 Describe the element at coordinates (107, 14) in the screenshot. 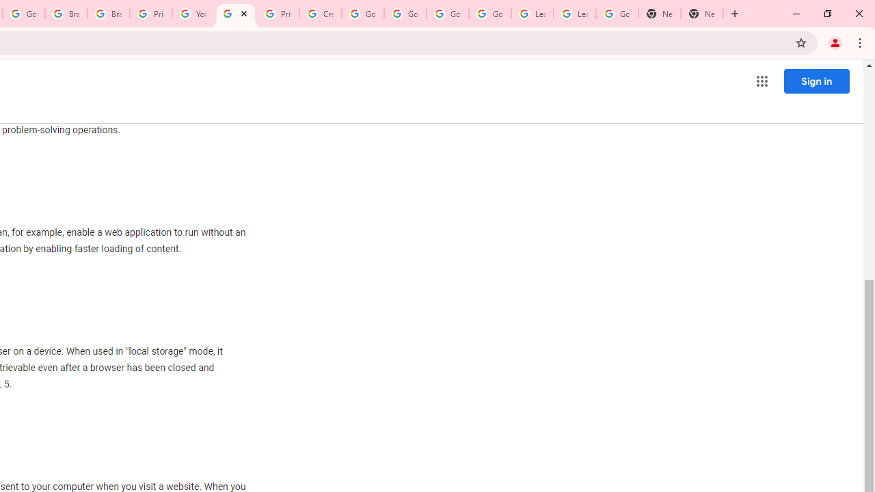

I see `'Brand Resource Center'` at that location.